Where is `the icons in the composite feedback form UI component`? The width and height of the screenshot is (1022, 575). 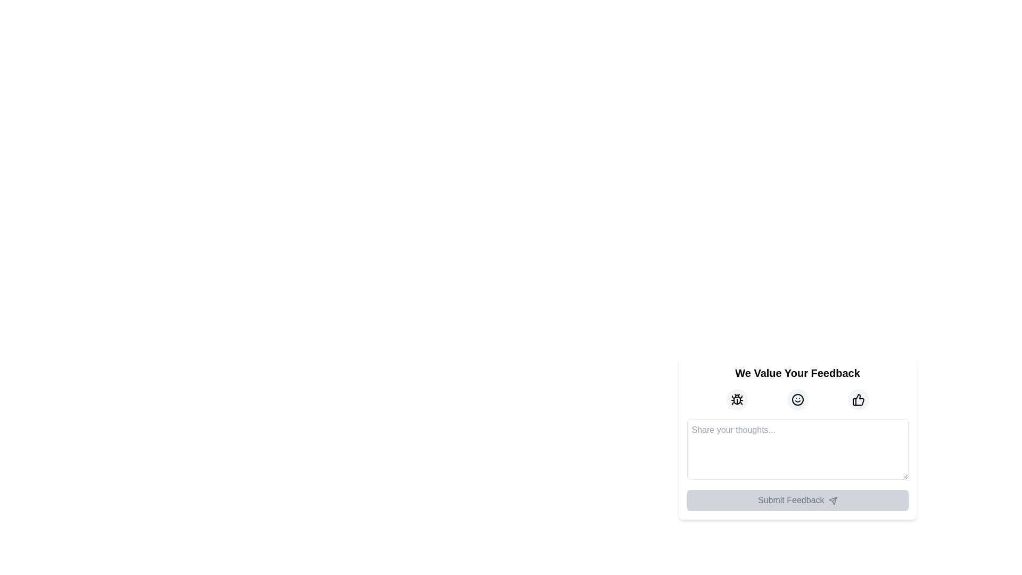
the icons in the composite feedback form UI component is located at coordinates (797, 437).